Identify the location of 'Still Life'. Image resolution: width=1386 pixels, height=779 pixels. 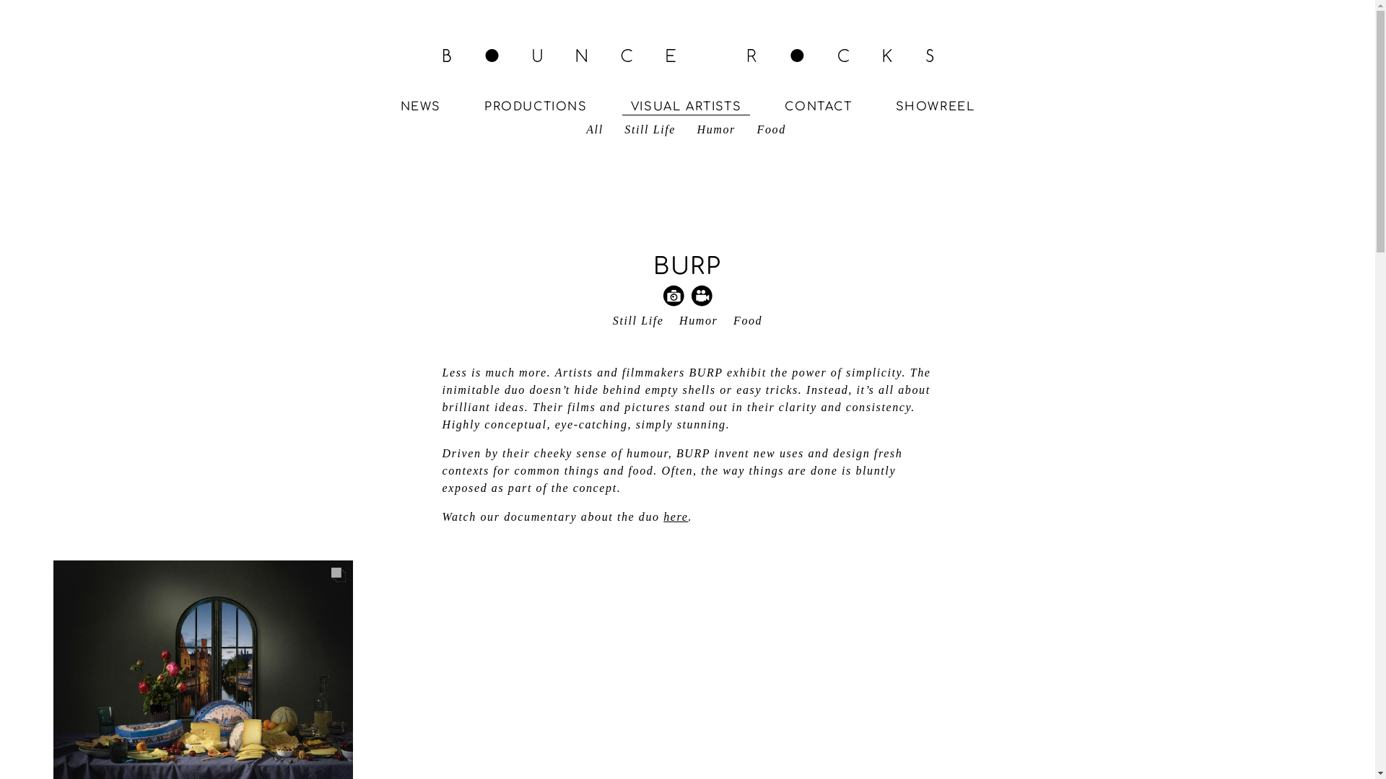
(637, 320).